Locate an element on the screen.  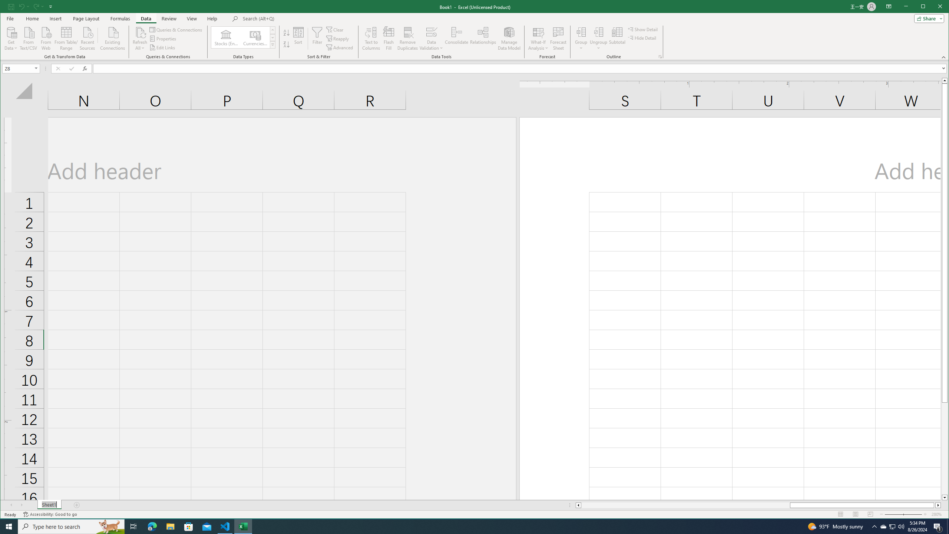
'File Explorer' is located at coordinates (170, 526).